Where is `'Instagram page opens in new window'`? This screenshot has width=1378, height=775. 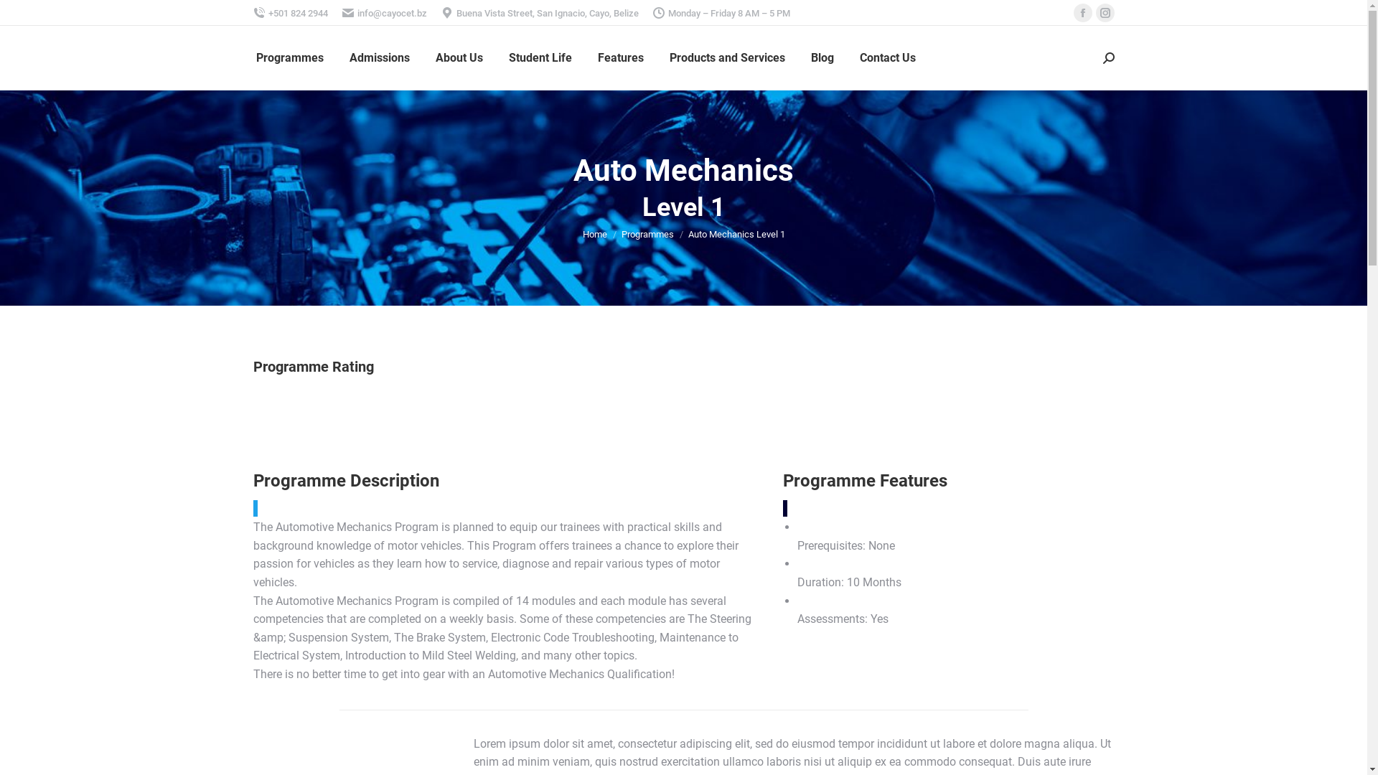 'Instagram page opens in new window' is located at coordinates (1104, 13).